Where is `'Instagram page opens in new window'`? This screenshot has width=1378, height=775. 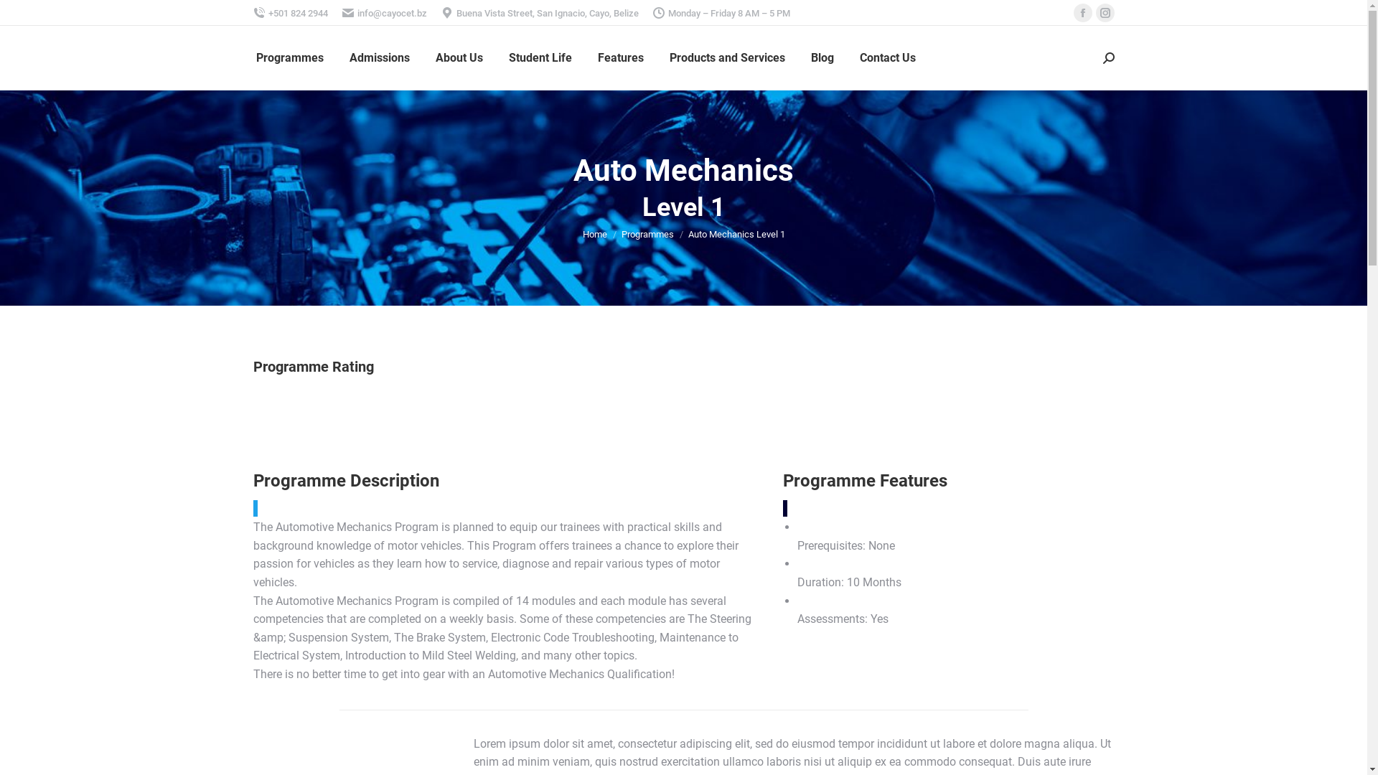 'Instagram page opens in new window' is located at coordinates (1104, 13).